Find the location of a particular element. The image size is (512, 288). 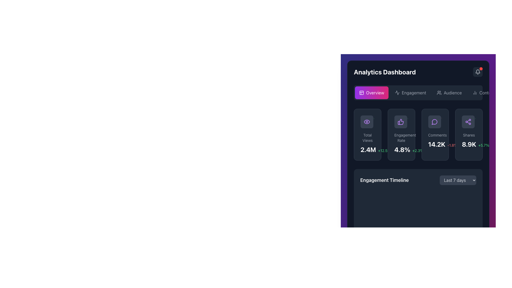

the notification button located in the top-right corner of the 'Analytics Dashboard' to inspect the notification badge for changes is located at coordinates (478, 72).